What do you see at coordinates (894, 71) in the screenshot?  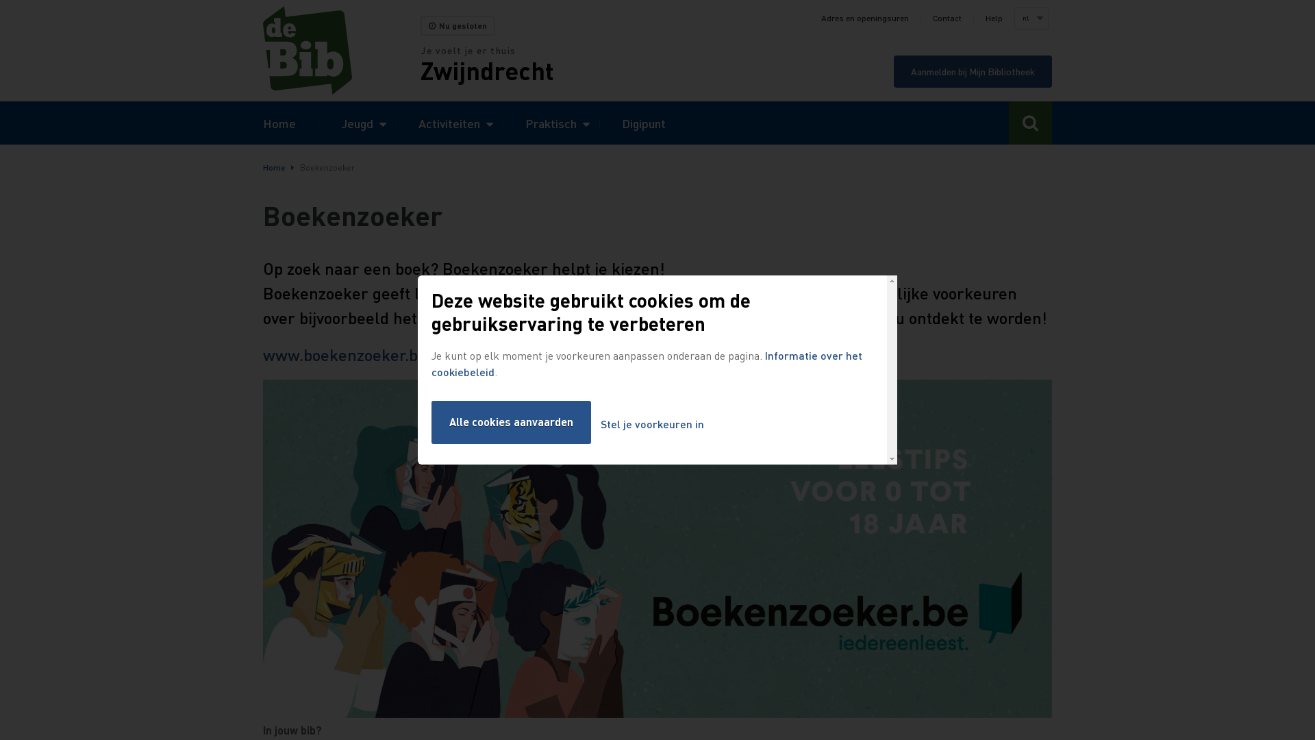 I see `'Aanmelden bij Mijn Bibliotheek'` at bounding box center [894, 71].